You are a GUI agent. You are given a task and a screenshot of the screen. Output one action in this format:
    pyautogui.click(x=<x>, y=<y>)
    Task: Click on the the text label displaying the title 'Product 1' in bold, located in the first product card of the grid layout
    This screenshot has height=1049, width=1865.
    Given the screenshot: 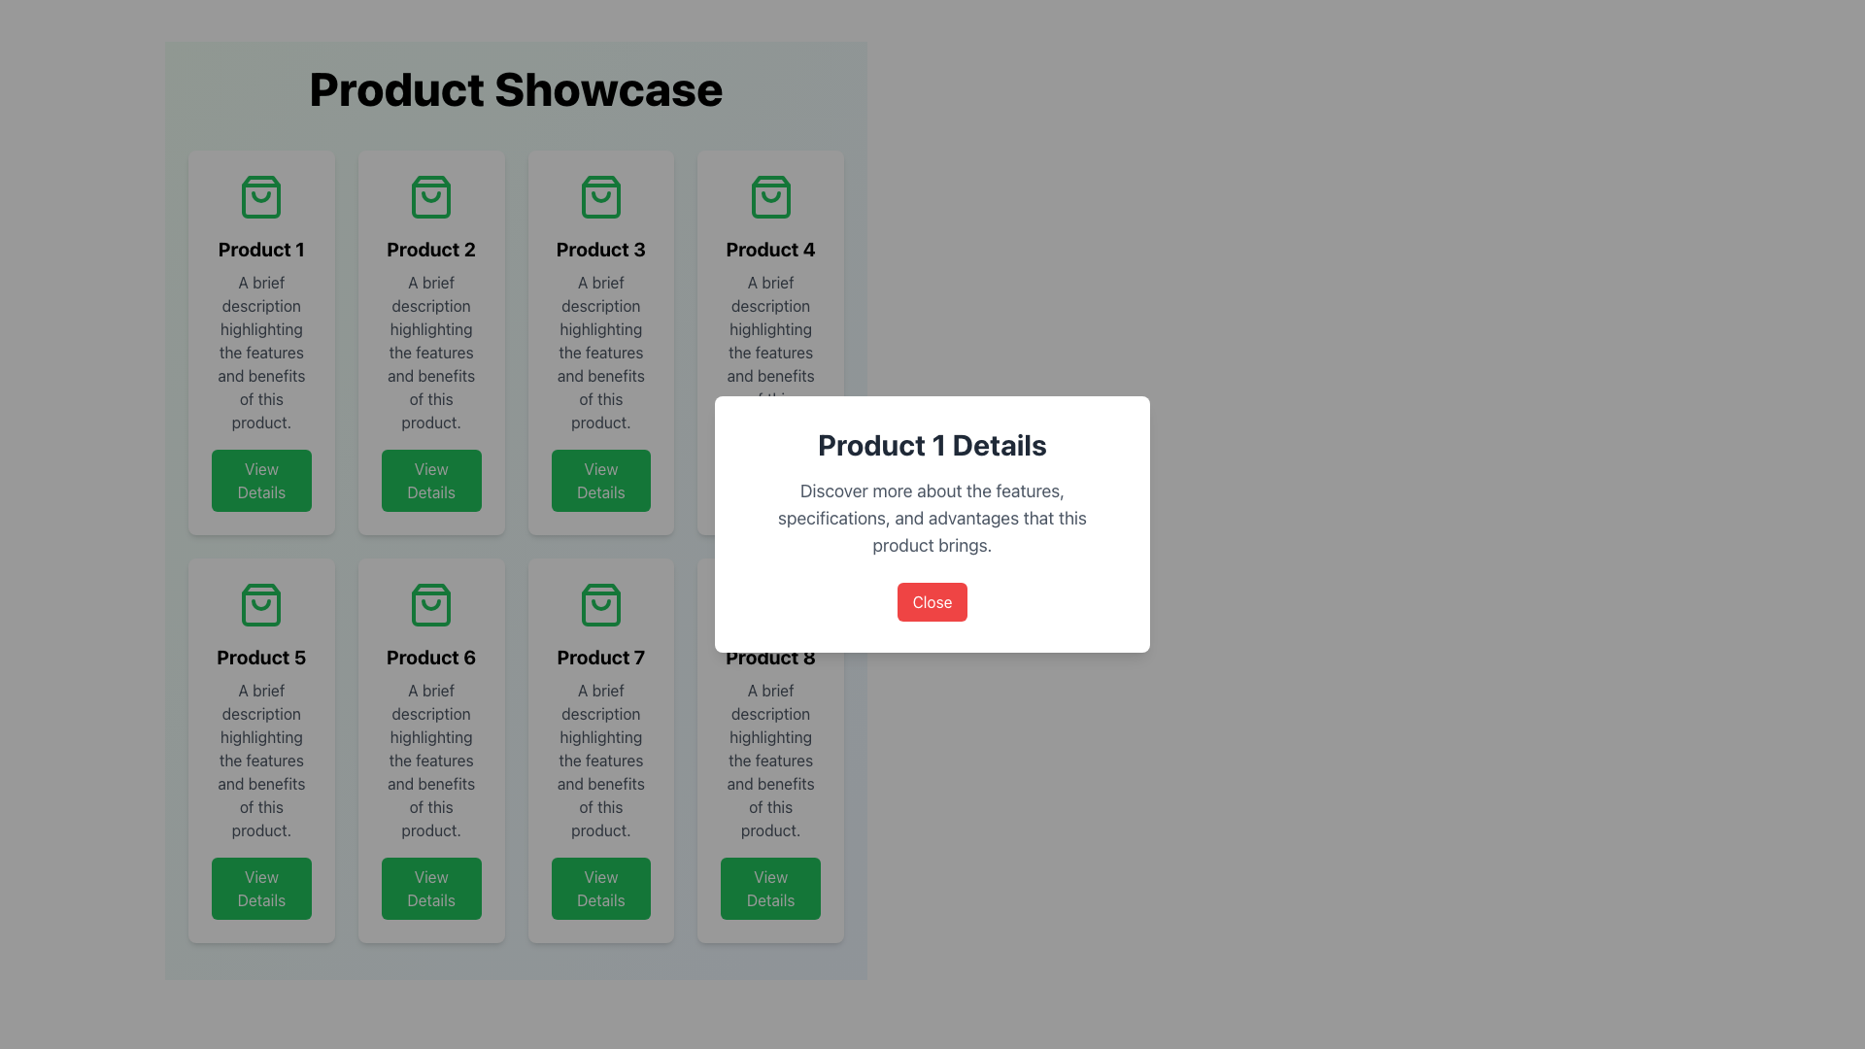 What is the action you would take?
    pyautogui.click(x=260, y=249)
    